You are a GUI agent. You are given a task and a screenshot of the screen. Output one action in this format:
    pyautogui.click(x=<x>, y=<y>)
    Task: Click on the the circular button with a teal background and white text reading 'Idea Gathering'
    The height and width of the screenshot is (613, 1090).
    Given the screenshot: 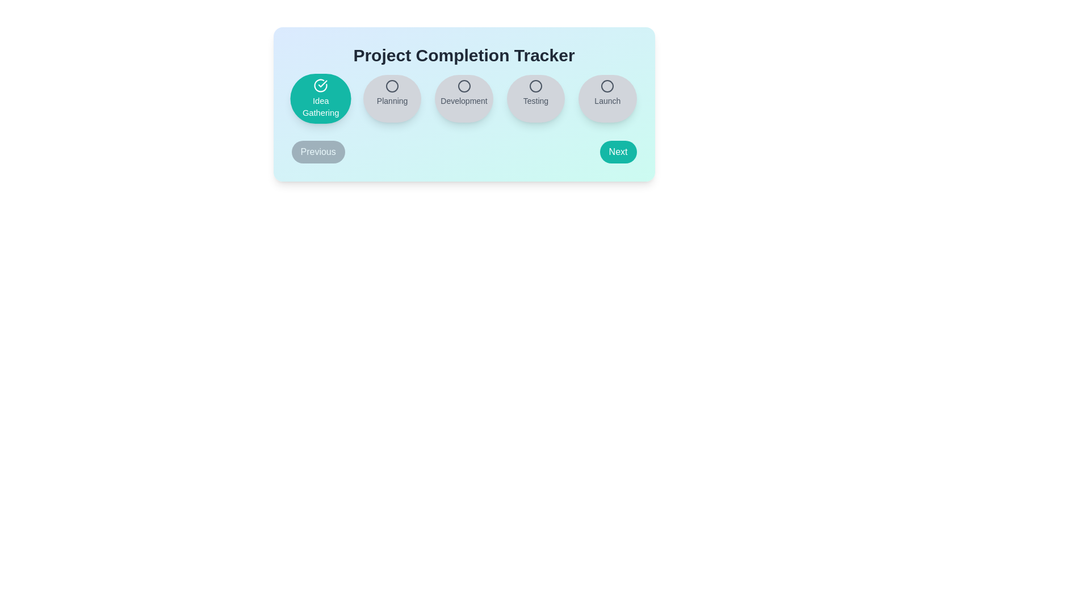 What is the action you would take?
    pyautogui.click(x=320, y=98)
    